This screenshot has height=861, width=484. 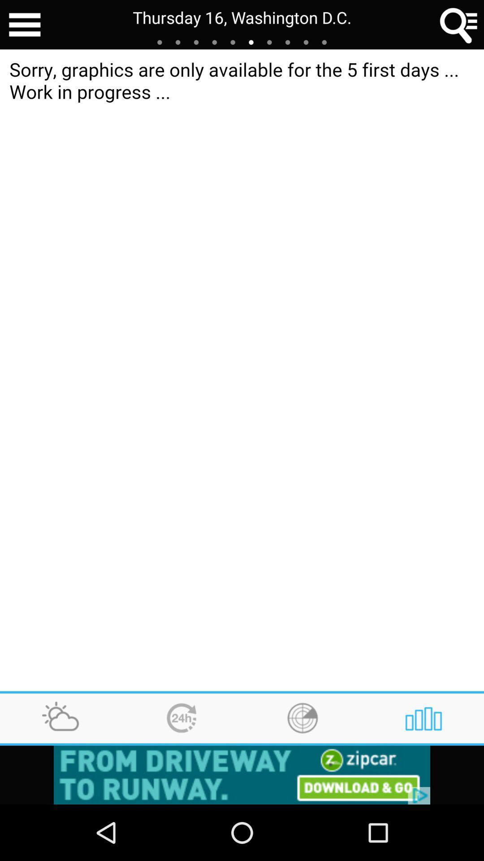 What do you see at coordinates (459, 26) in the screenshot?
I see `the search icon` at bounding box center [459, 26].